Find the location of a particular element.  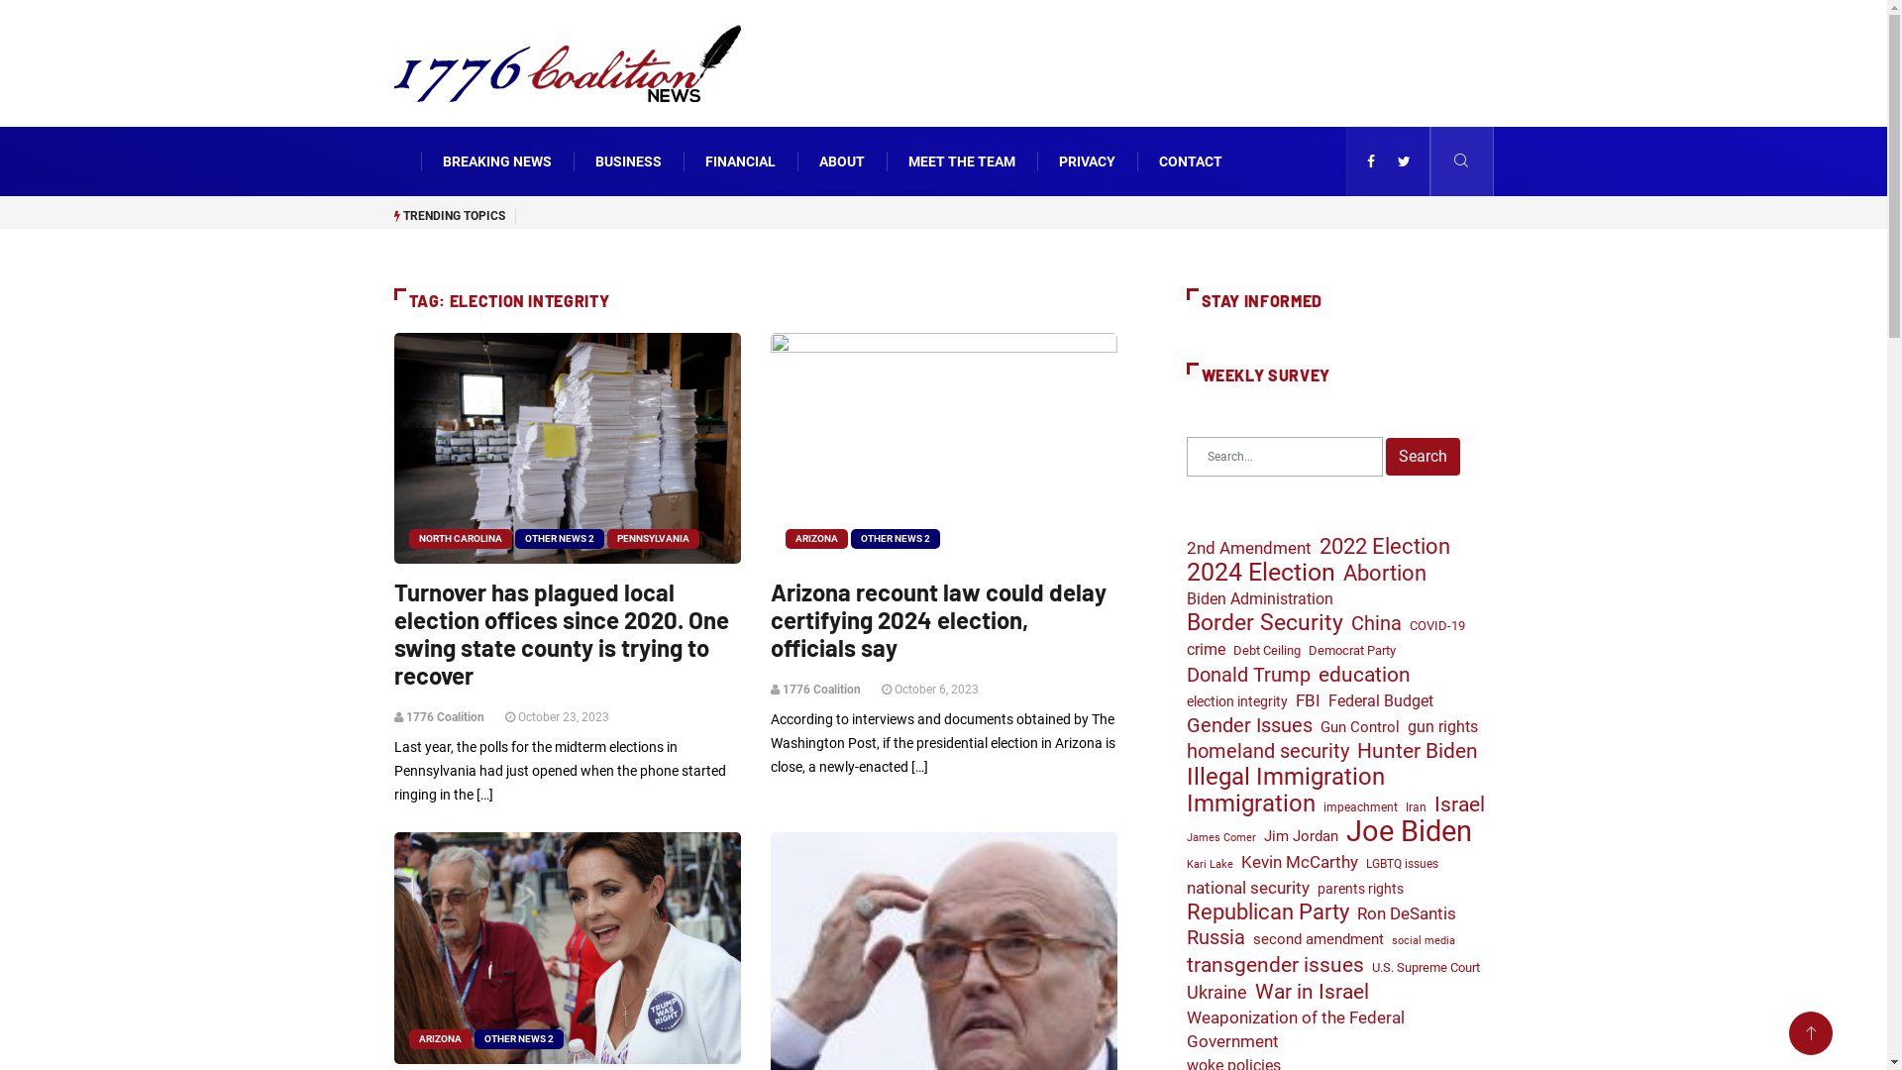

'BUSINESS' is located at coordinates (626, 160).